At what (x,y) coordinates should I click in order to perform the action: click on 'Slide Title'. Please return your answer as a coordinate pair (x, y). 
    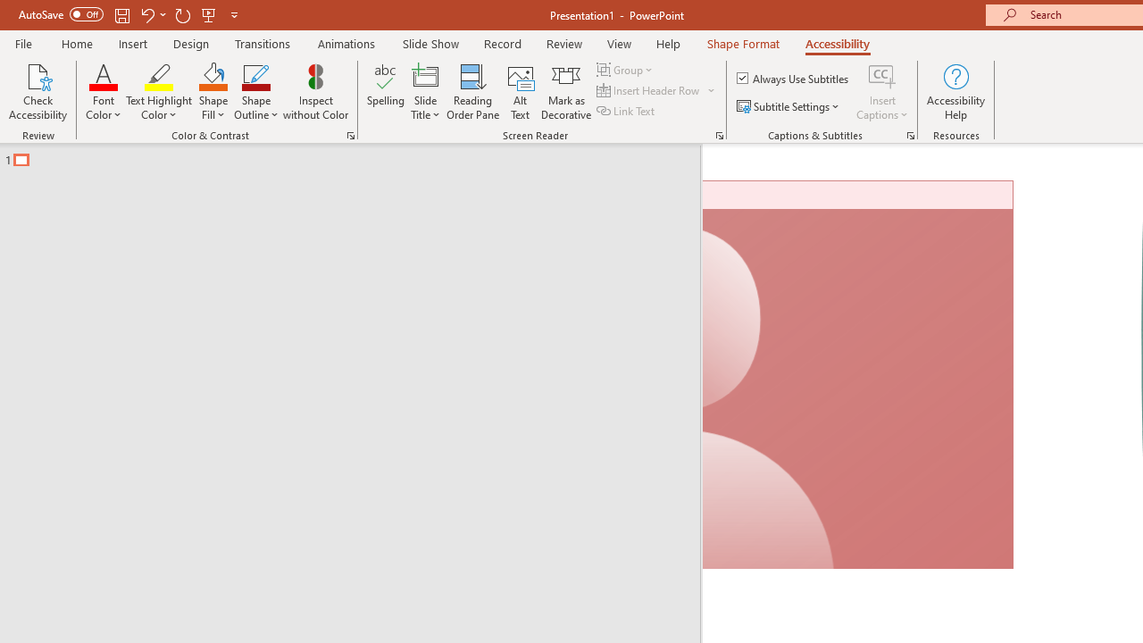
    Looking at the image, I should click on (424, 75).